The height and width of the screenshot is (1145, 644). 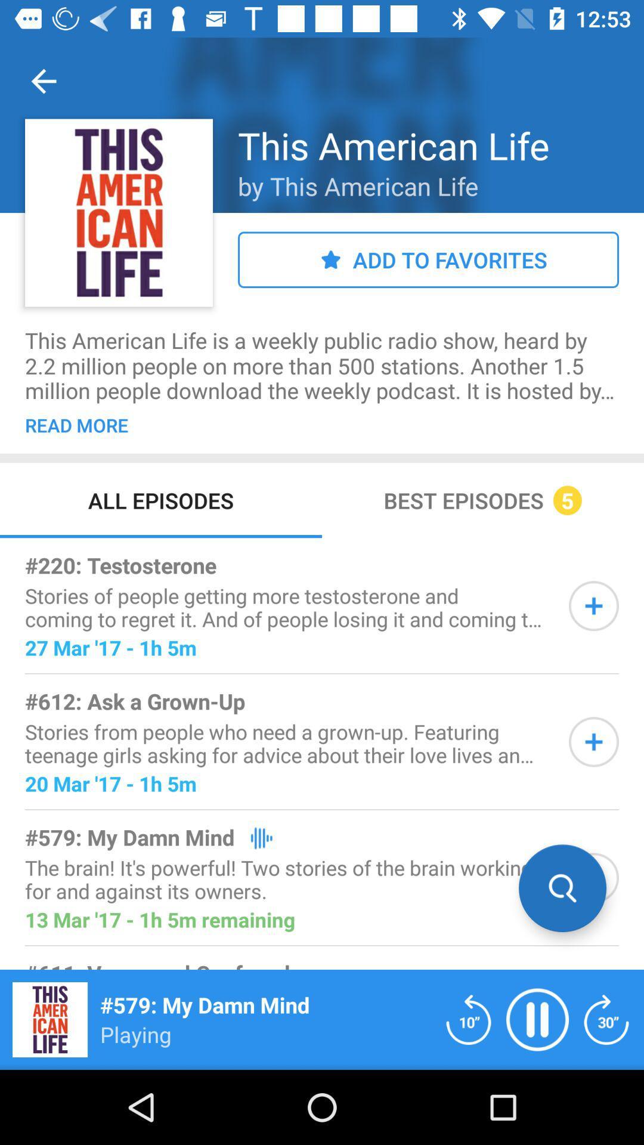 I want to click on episode, so click(x=593, y=606).